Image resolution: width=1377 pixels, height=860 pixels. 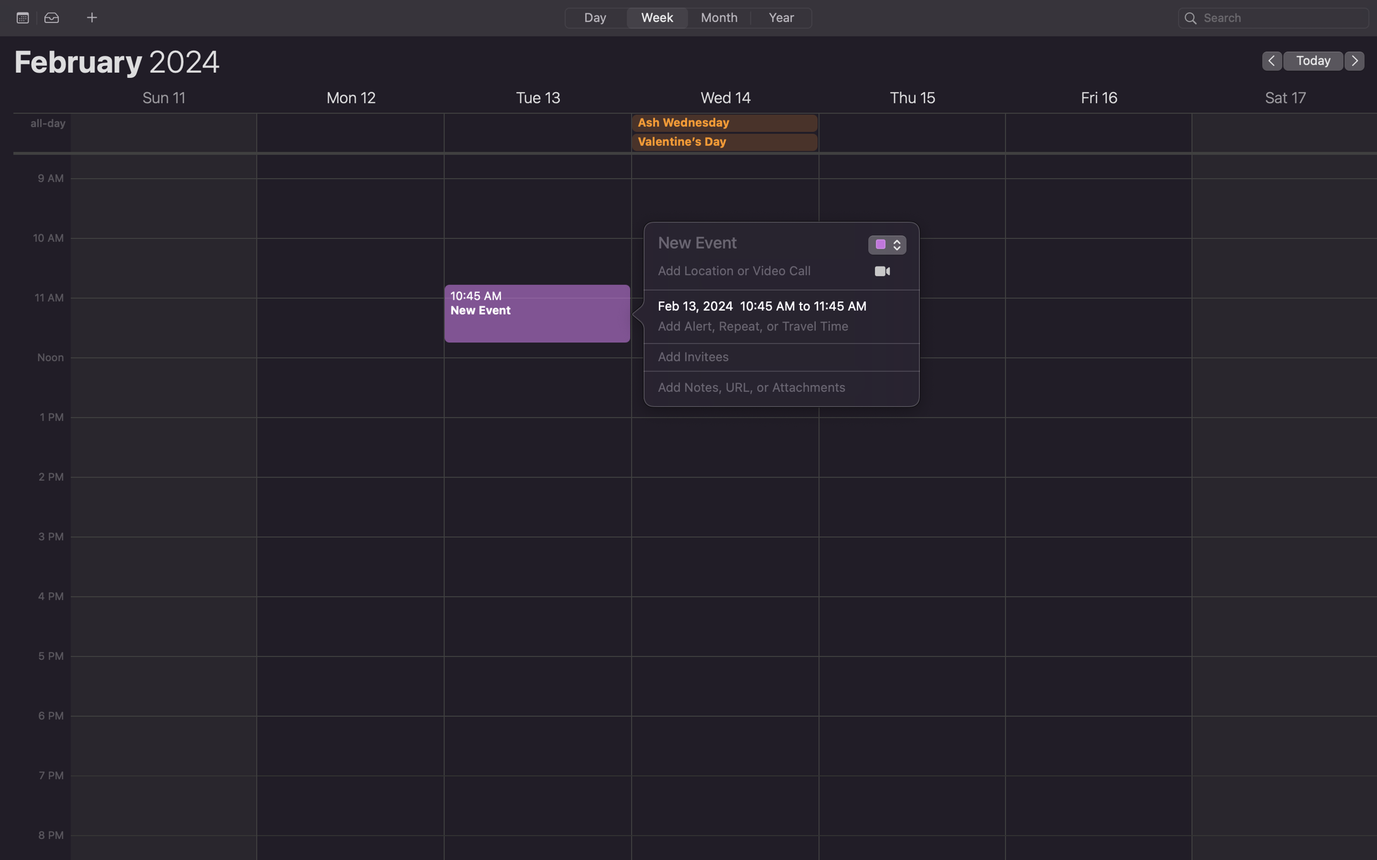 I want to click on up an event called "Meeting with Alex, so click(x=753, y=242).